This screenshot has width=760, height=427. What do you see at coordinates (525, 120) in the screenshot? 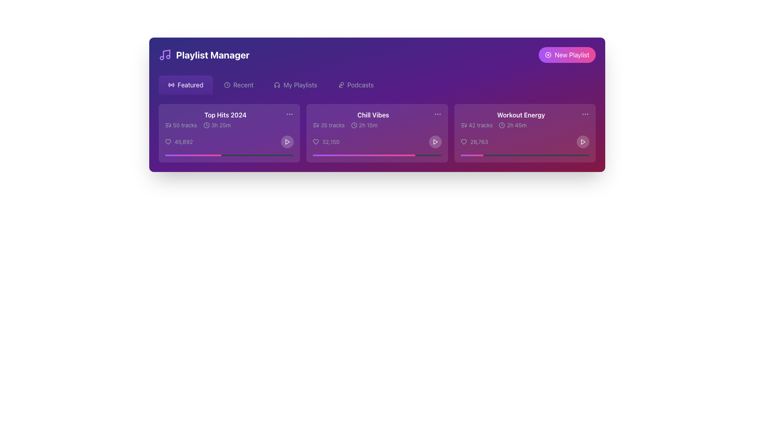
I see `information displayed in the text block titled 'Workout Energy', which includes the details '42 tracks' and '2h 45m' below it, along with accompanying icons` at bounding box center [525, 120].